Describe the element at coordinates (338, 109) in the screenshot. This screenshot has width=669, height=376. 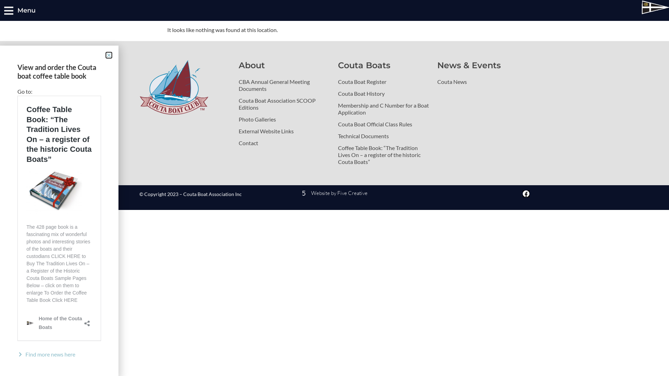
I see `'Membership and C Number for a Boat Application'` at that location.